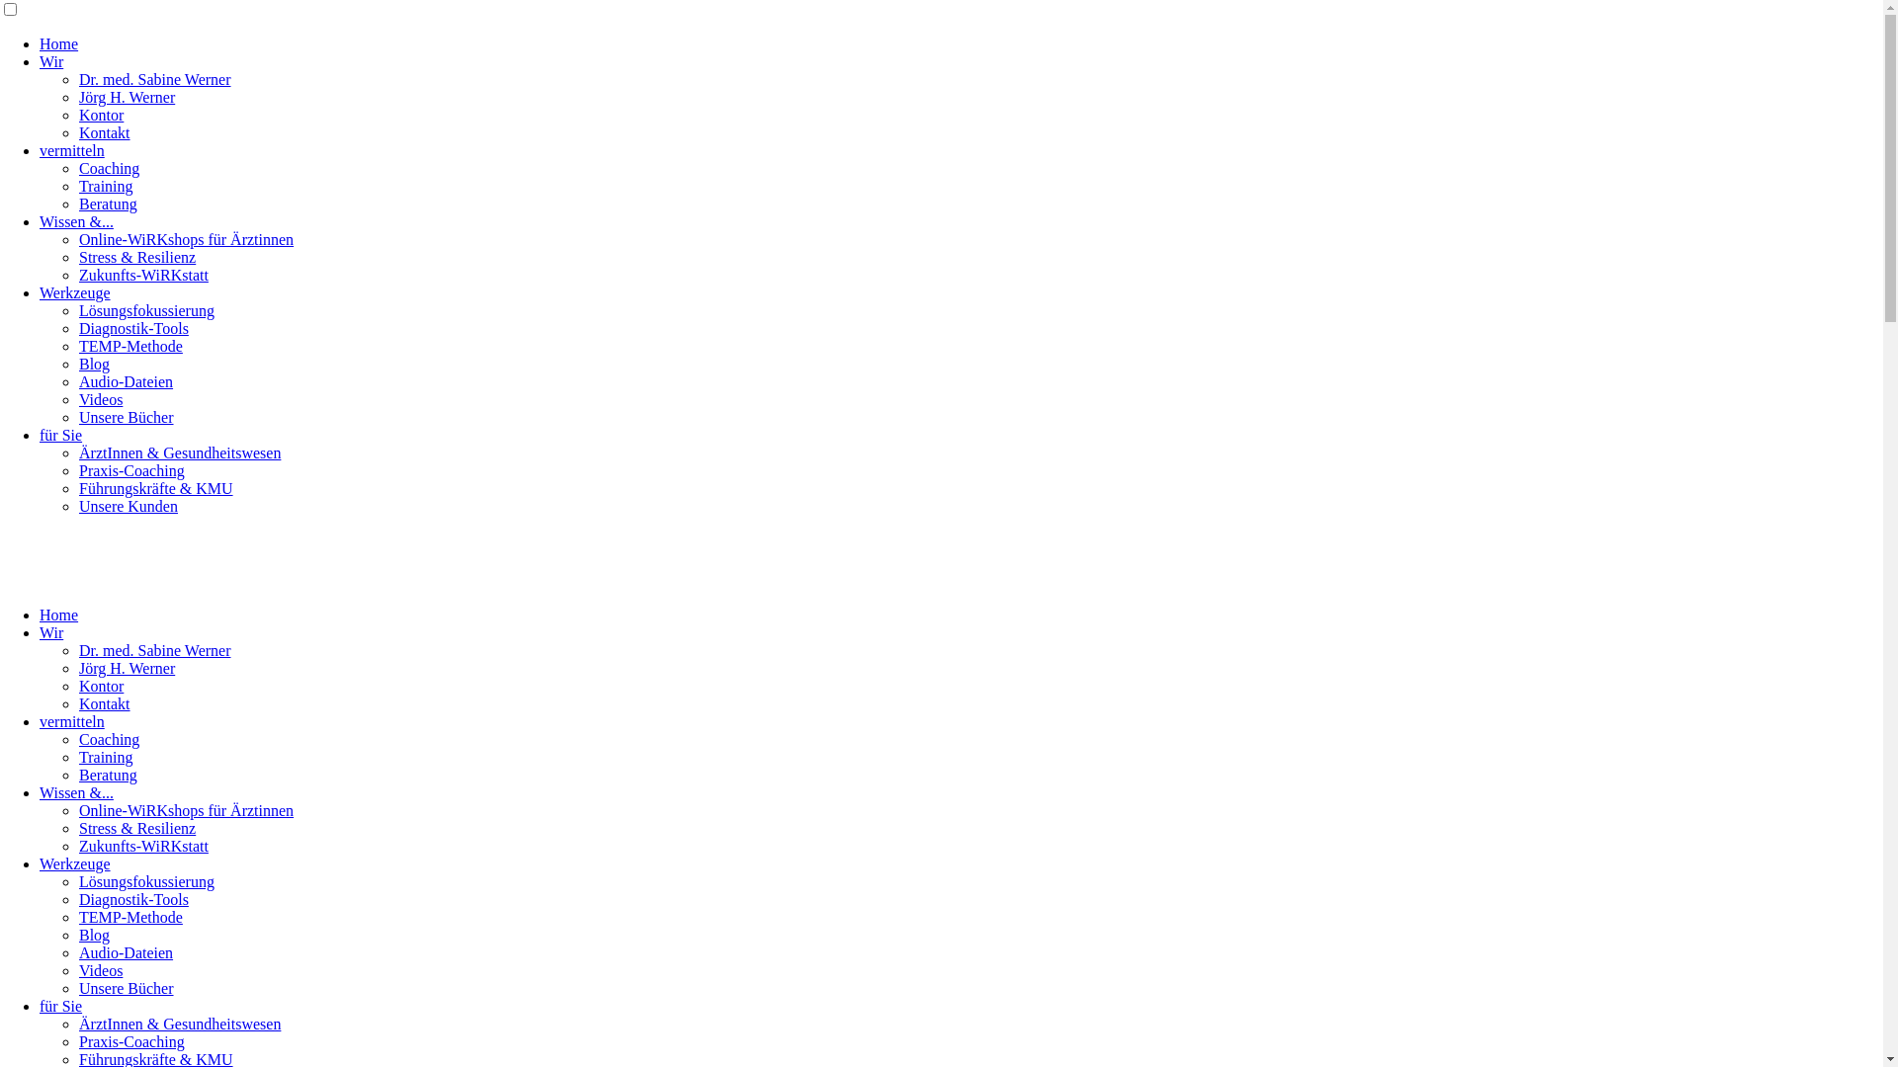 Image resolution: width=1898 pixels, height=1067 pixels. What do you see at coordinates (108, 167) in the screenshot?
I see `'Coaching'` at bounding box center [108, 167].